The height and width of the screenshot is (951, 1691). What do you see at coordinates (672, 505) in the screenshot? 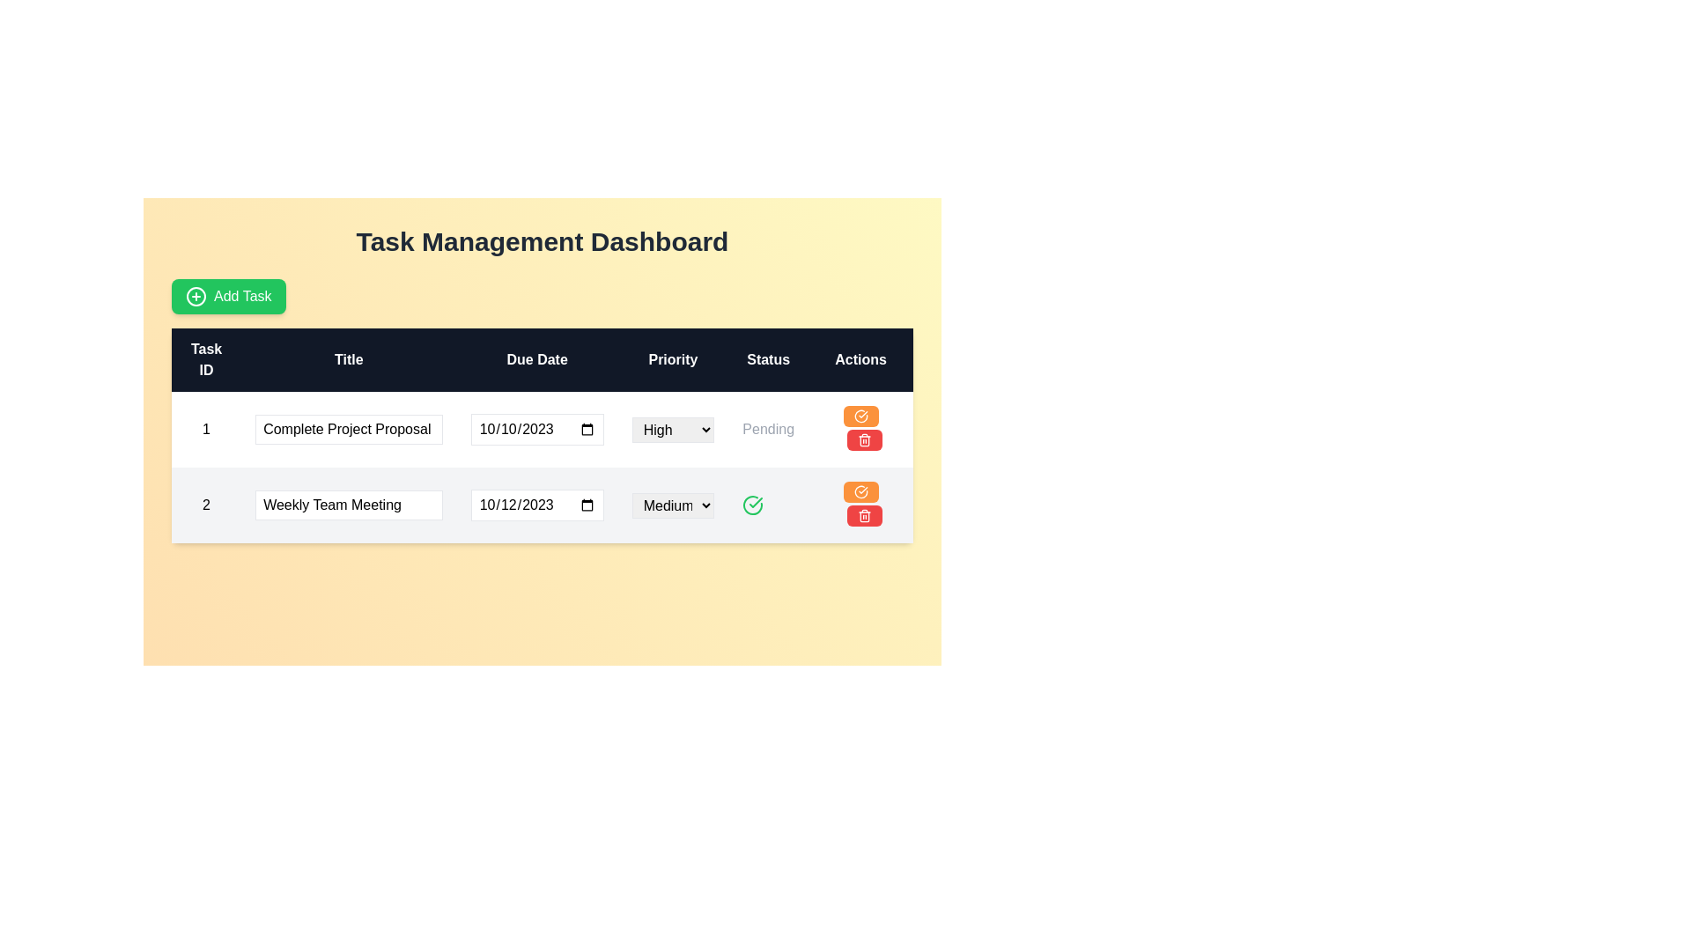
I see `the dropdown menu for selecting a priority level in the task management table located in the 'Priority' column of the second row` at bounding box center [672, 505].